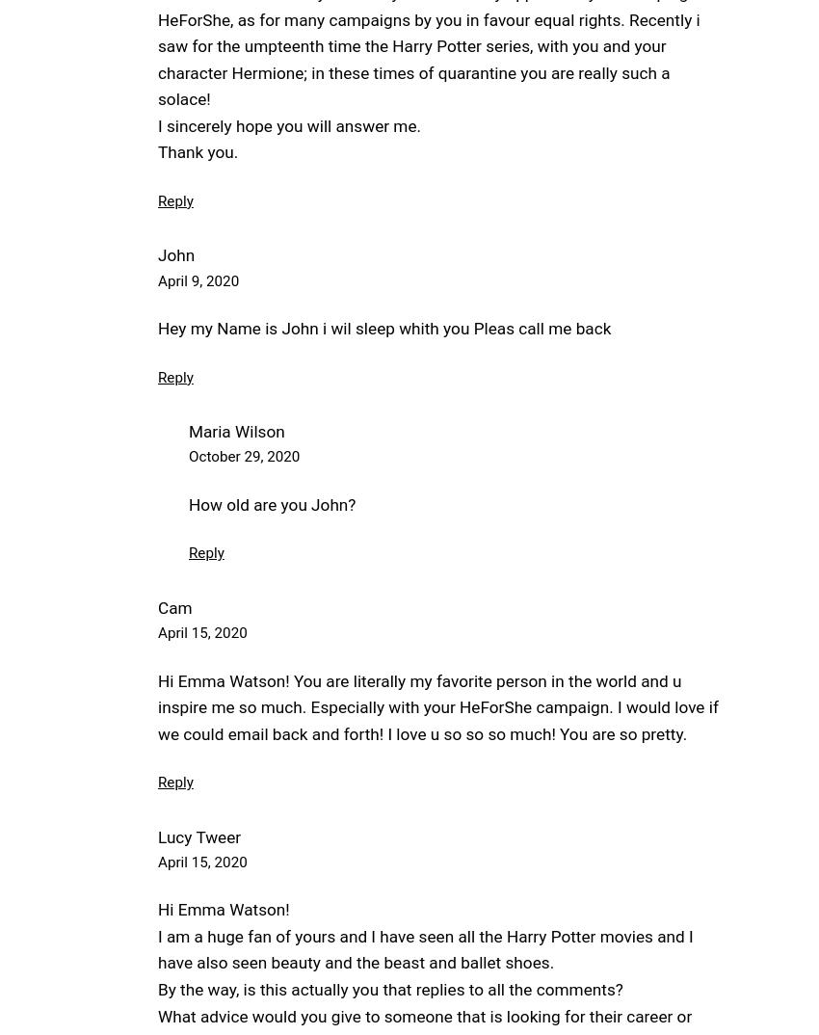 Image resolution: width=819 pixels, height=1035 pixels. Describe the element at coordinates (390, 989) in the screenshot. I see `'By the way, is this actually you that replies to all the comments?'` at that location.